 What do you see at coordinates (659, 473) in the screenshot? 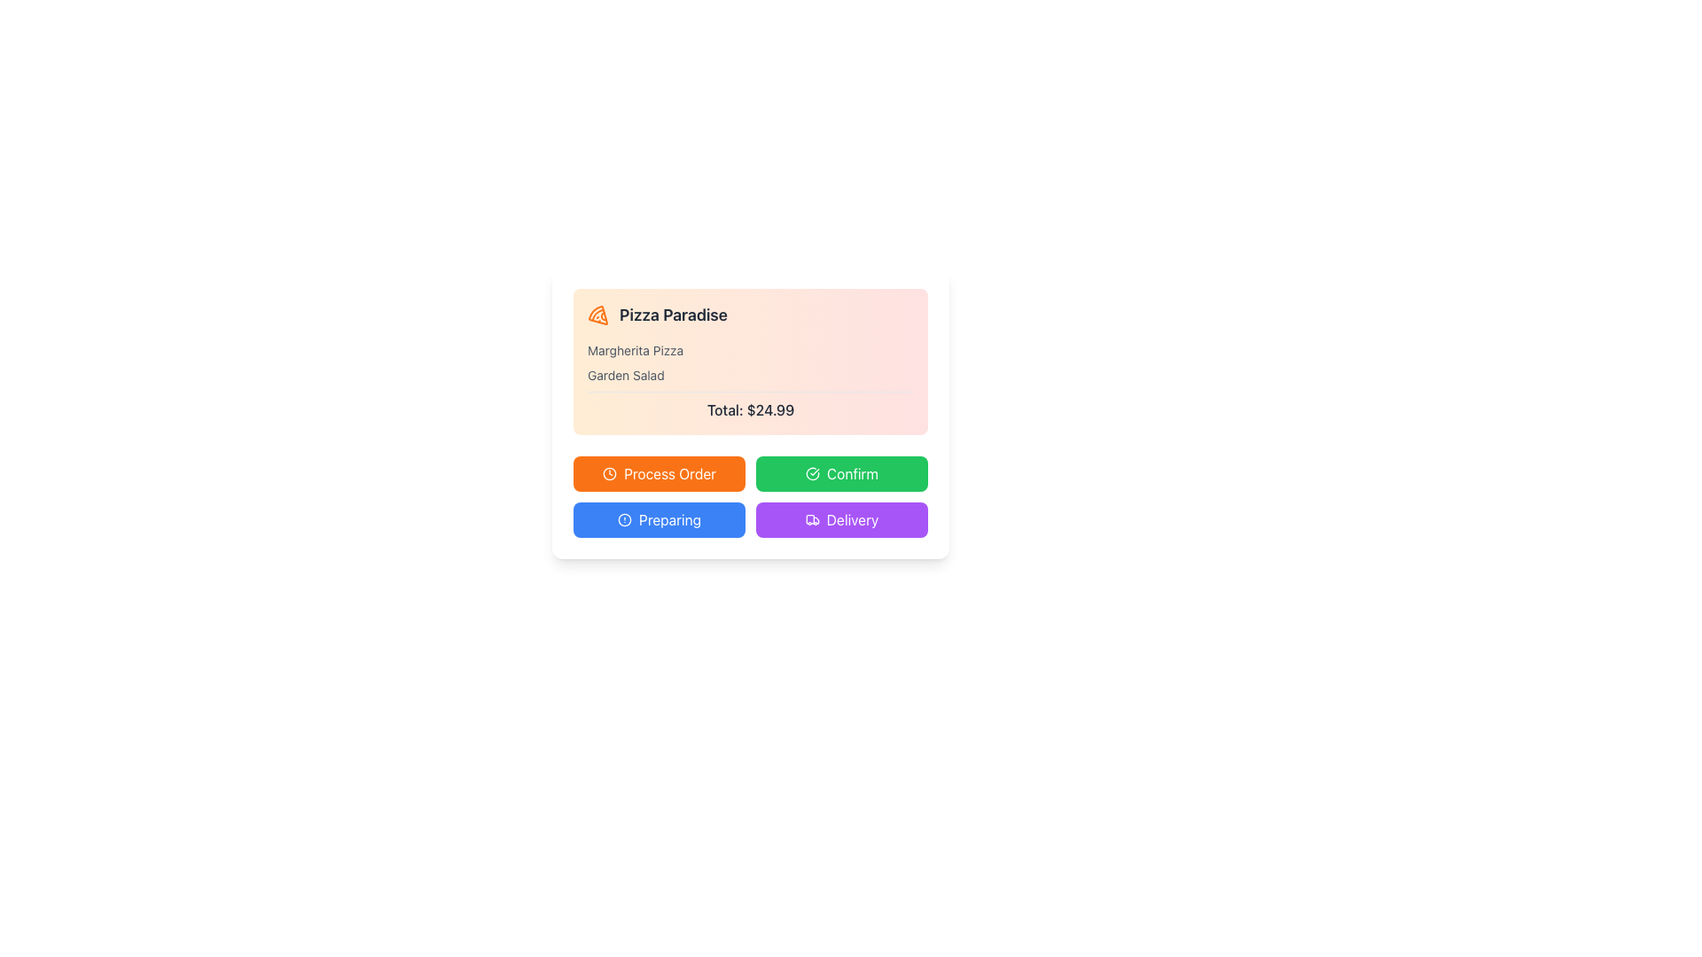
I see `the orange button labeled 'Process Order', which is styled with rounded corners and includes a white clock icon` at bounding box center [659, 473].